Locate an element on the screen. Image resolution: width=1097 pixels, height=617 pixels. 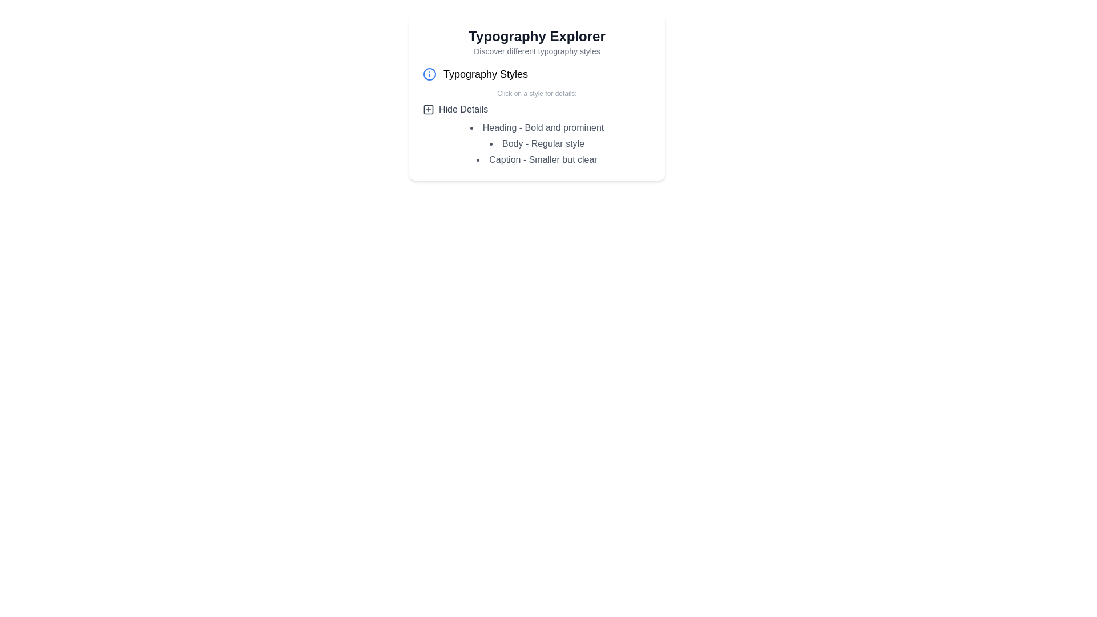
the 'Body' text label with bullet point, which describes a typography style in the vertical bulleted list within the 'Typography Explorer' card is located at coordinates (537, 143).